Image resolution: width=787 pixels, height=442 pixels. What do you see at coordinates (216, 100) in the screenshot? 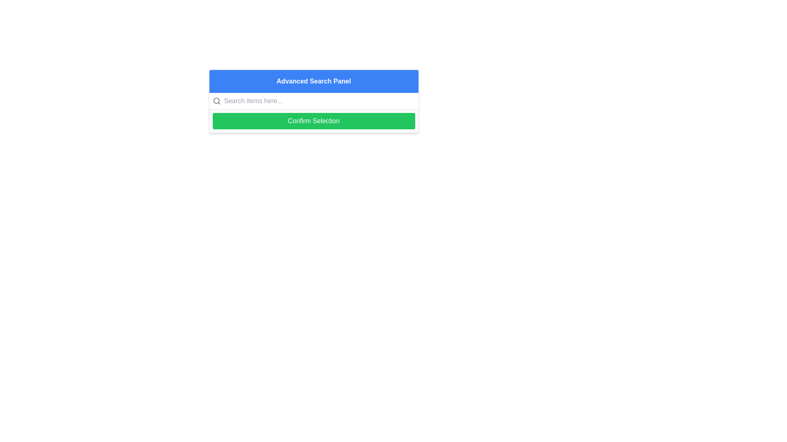
I see `the decorative SVG graphic circle representing the lens area of the magnifying glass icon, which is located to the left of the 'Search items here...' text input field` at bounding box center [216, 100].